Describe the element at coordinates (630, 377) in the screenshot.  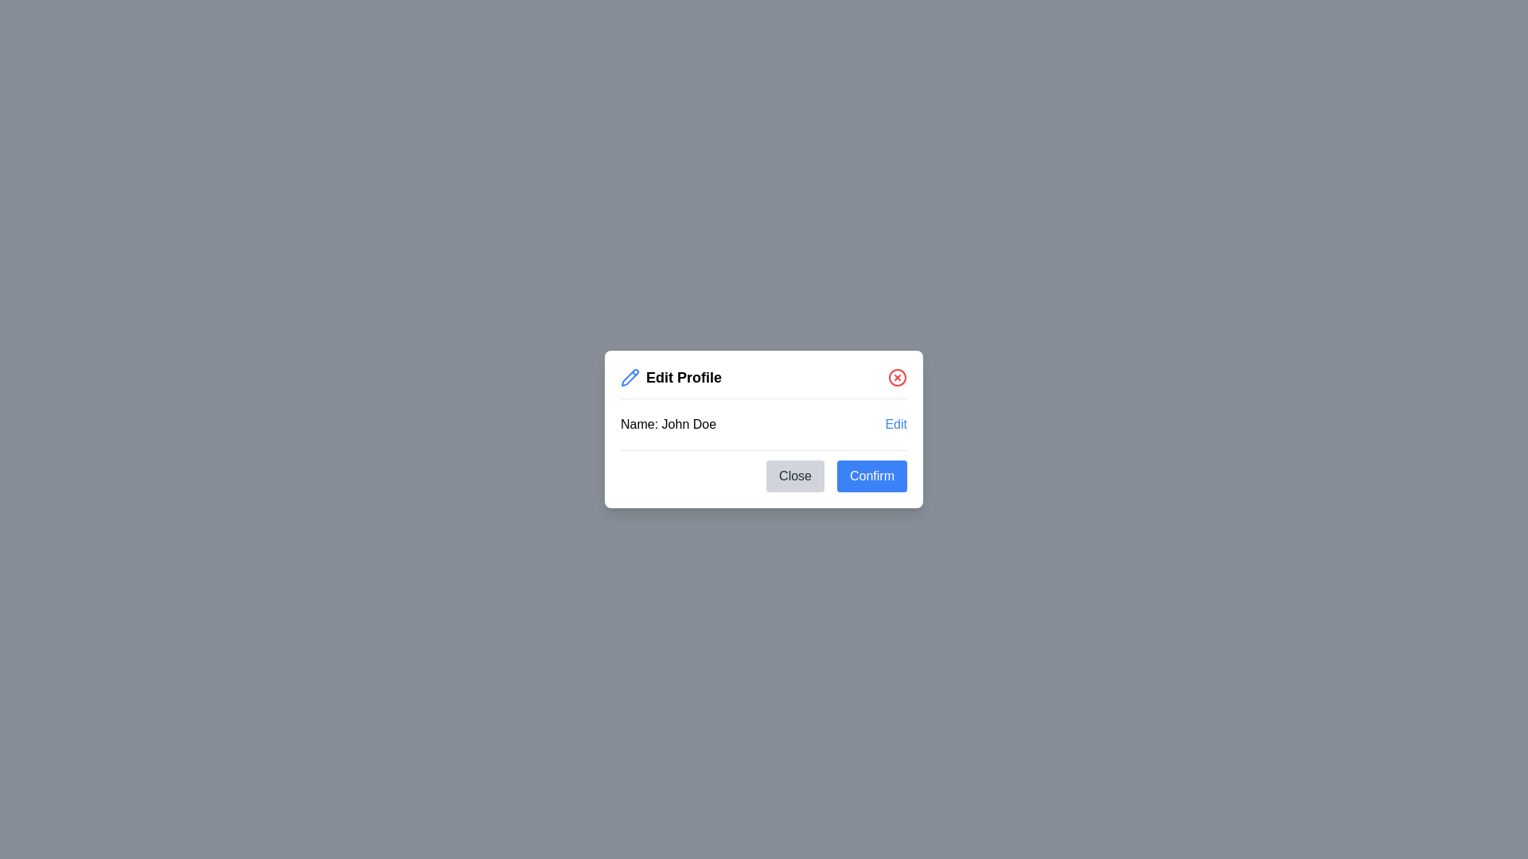
I see `the blue-colored pencil icon located to the left of the 'Edit Profile' title text in the modal header` at that location.